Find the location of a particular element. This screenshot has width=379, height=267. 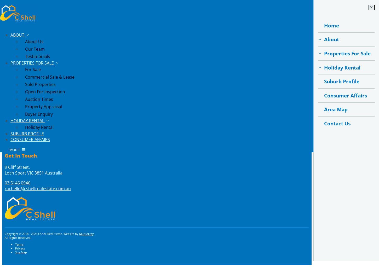

'Buy' is located at coordinates (4, 92).